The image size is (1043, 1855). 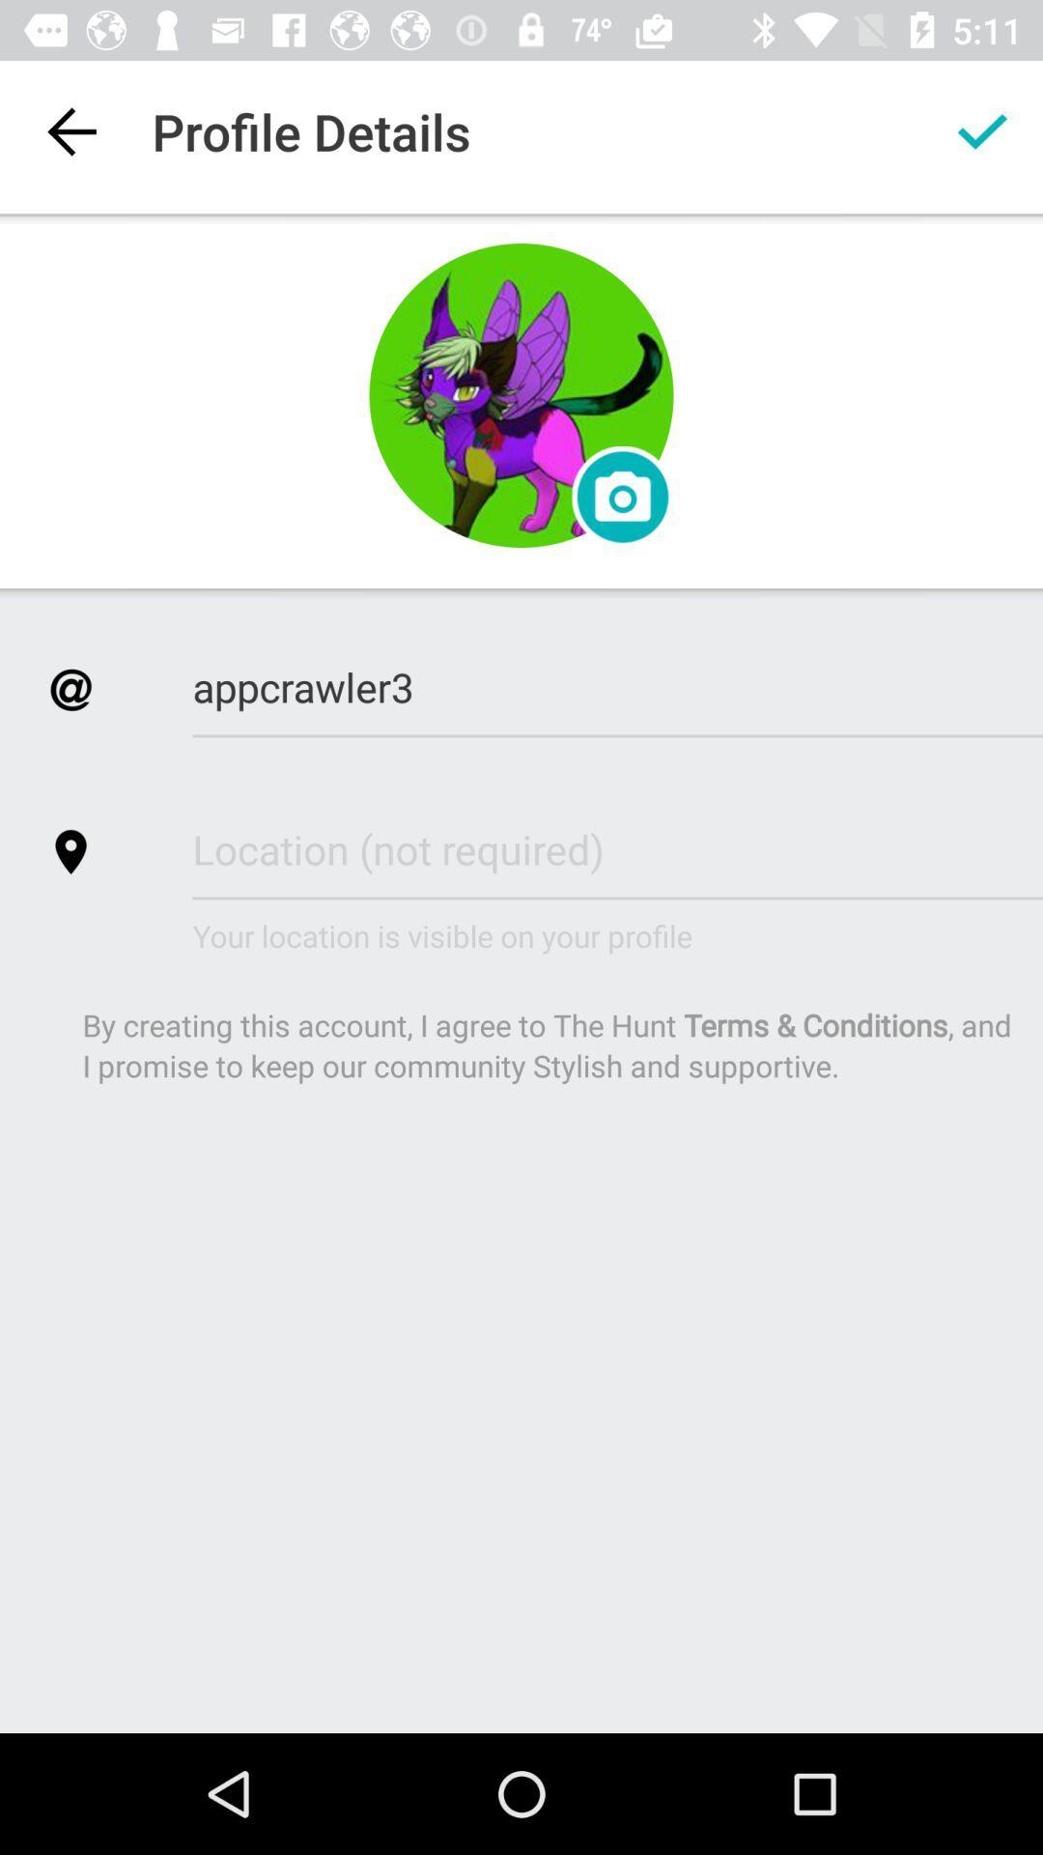 I want to click on edit profile picture, so click(x=521, y=394).